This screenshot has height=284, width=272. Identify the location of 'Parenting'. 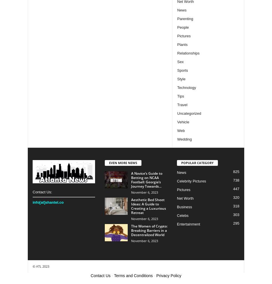
(185, 18).